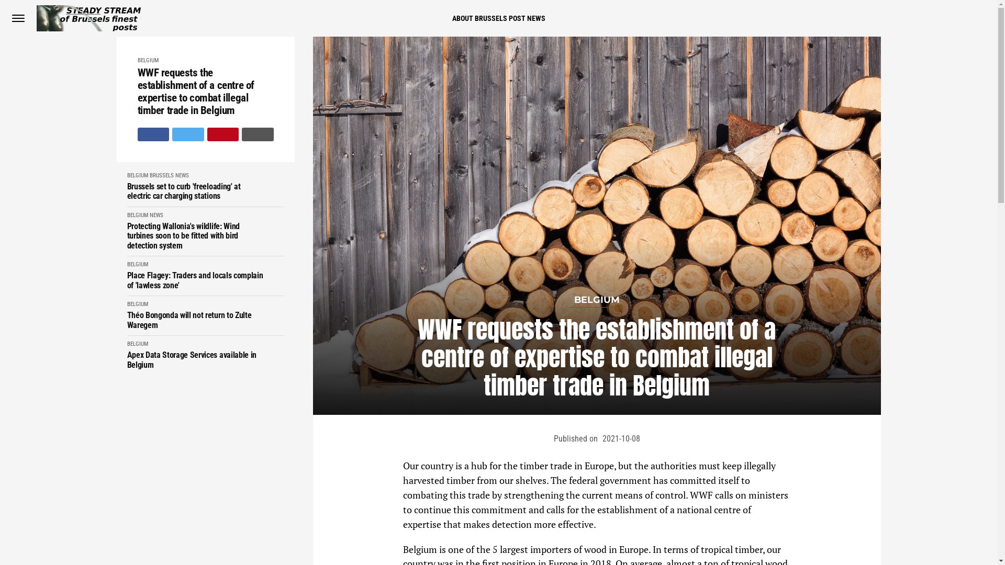 The width and height of the screenshot is (1005, 565). I want to click on 'Apex Data Storage Services available in Belgium', so click(126, 359).